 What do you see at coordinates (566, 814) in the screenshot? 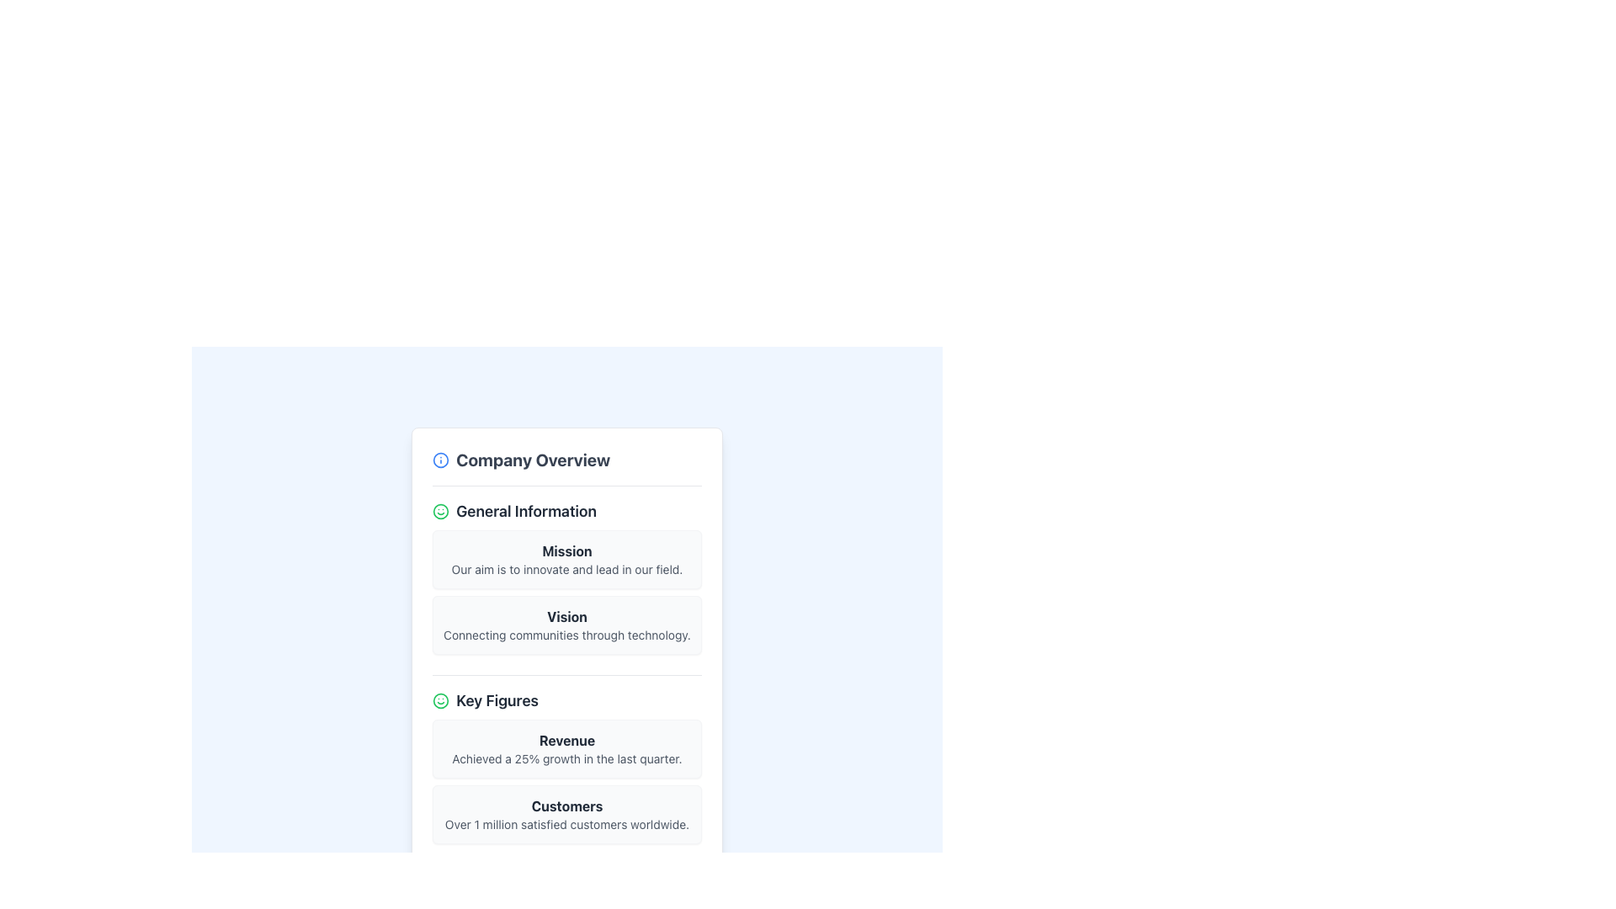
I see `information from the static informational card indicating over 1 million satisfied customers worldwide, located in the 'Key Figures' section below the 'Revenue' card` at bounding box center [566, 814].